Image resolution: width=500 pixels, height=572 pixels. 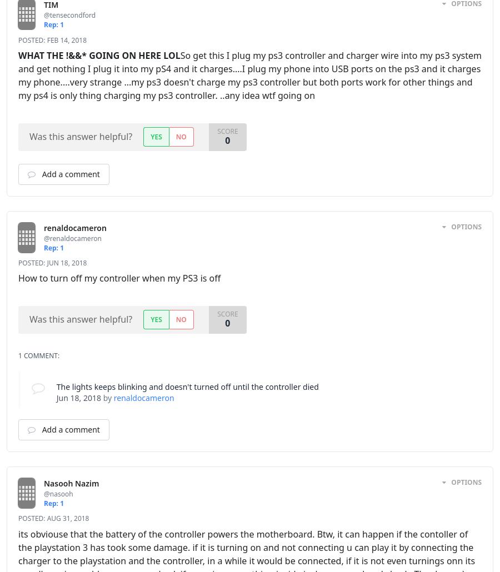 I want to click on 'So get this I plug my ps3 controller and  charger wire into my ps3 system and get nothing I plug it into my pS4 and it charges....I plug my phone into USB ports on the ps3 and it charges my phone....very strange ...my ps3 doesn't charge my ps3 controller but both ports work for other things and my ps4 is only thing charging my ps3 controller. ..any idea wtf going on', so click(x=249, y=74).